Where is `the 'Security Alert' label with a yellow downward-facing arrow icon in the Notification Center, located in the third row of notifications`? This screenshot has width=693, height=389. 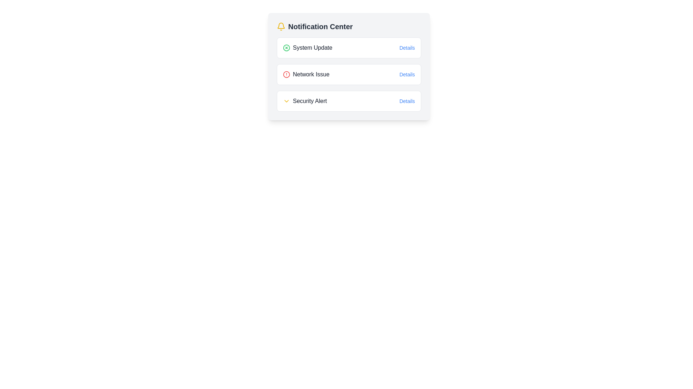 the 'Security Alert' label with a yellow downward-facing arrow icon in the Notification Center, located in the third row of notifications is located at coordinates (305, 101).